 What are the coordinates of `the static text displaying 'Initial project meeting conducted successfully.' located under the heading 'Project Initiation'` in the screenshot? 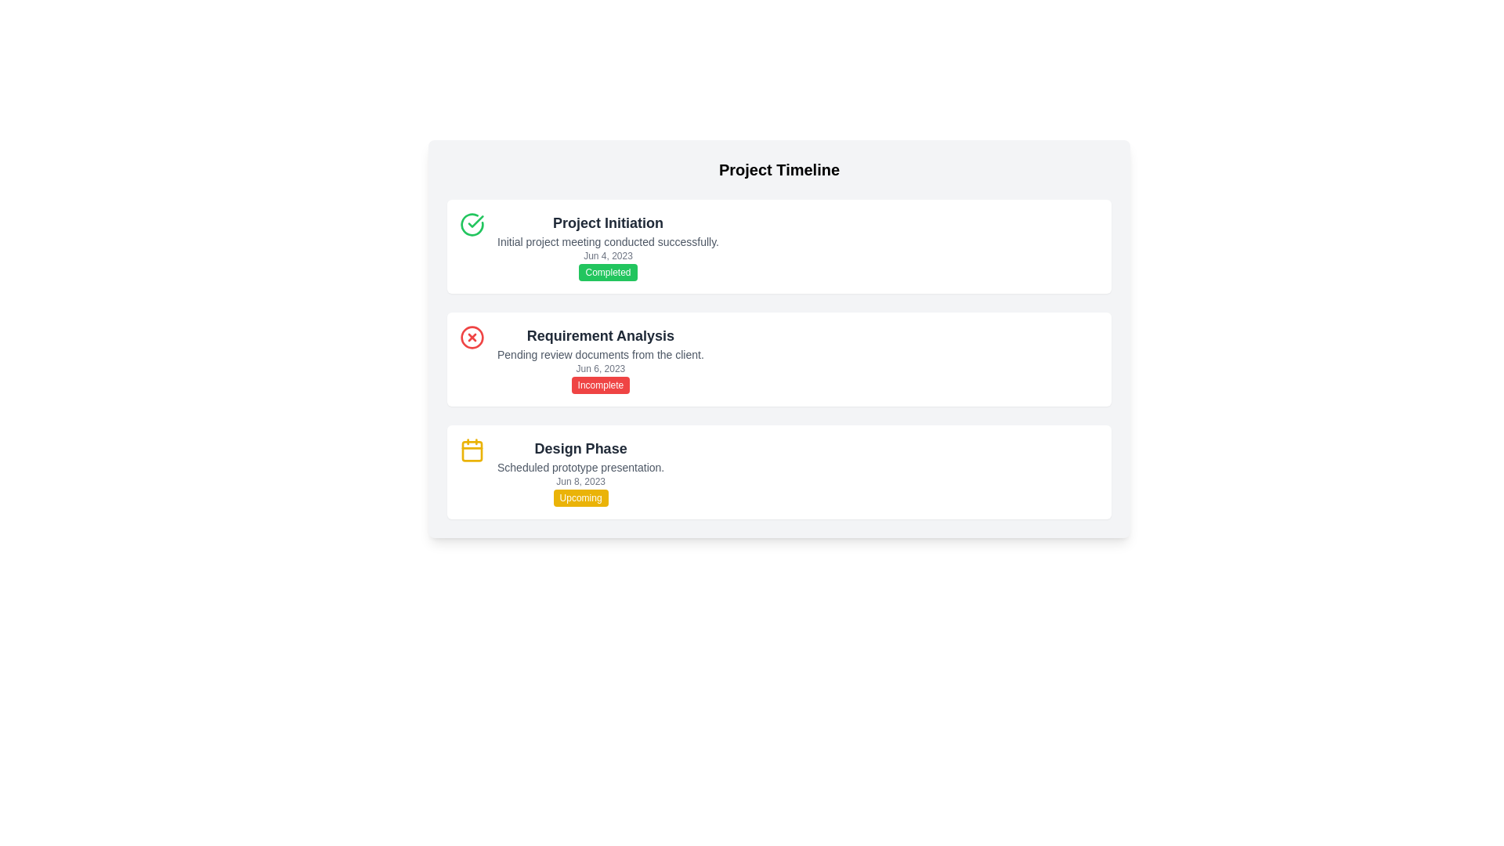 It's located at (607, 241).